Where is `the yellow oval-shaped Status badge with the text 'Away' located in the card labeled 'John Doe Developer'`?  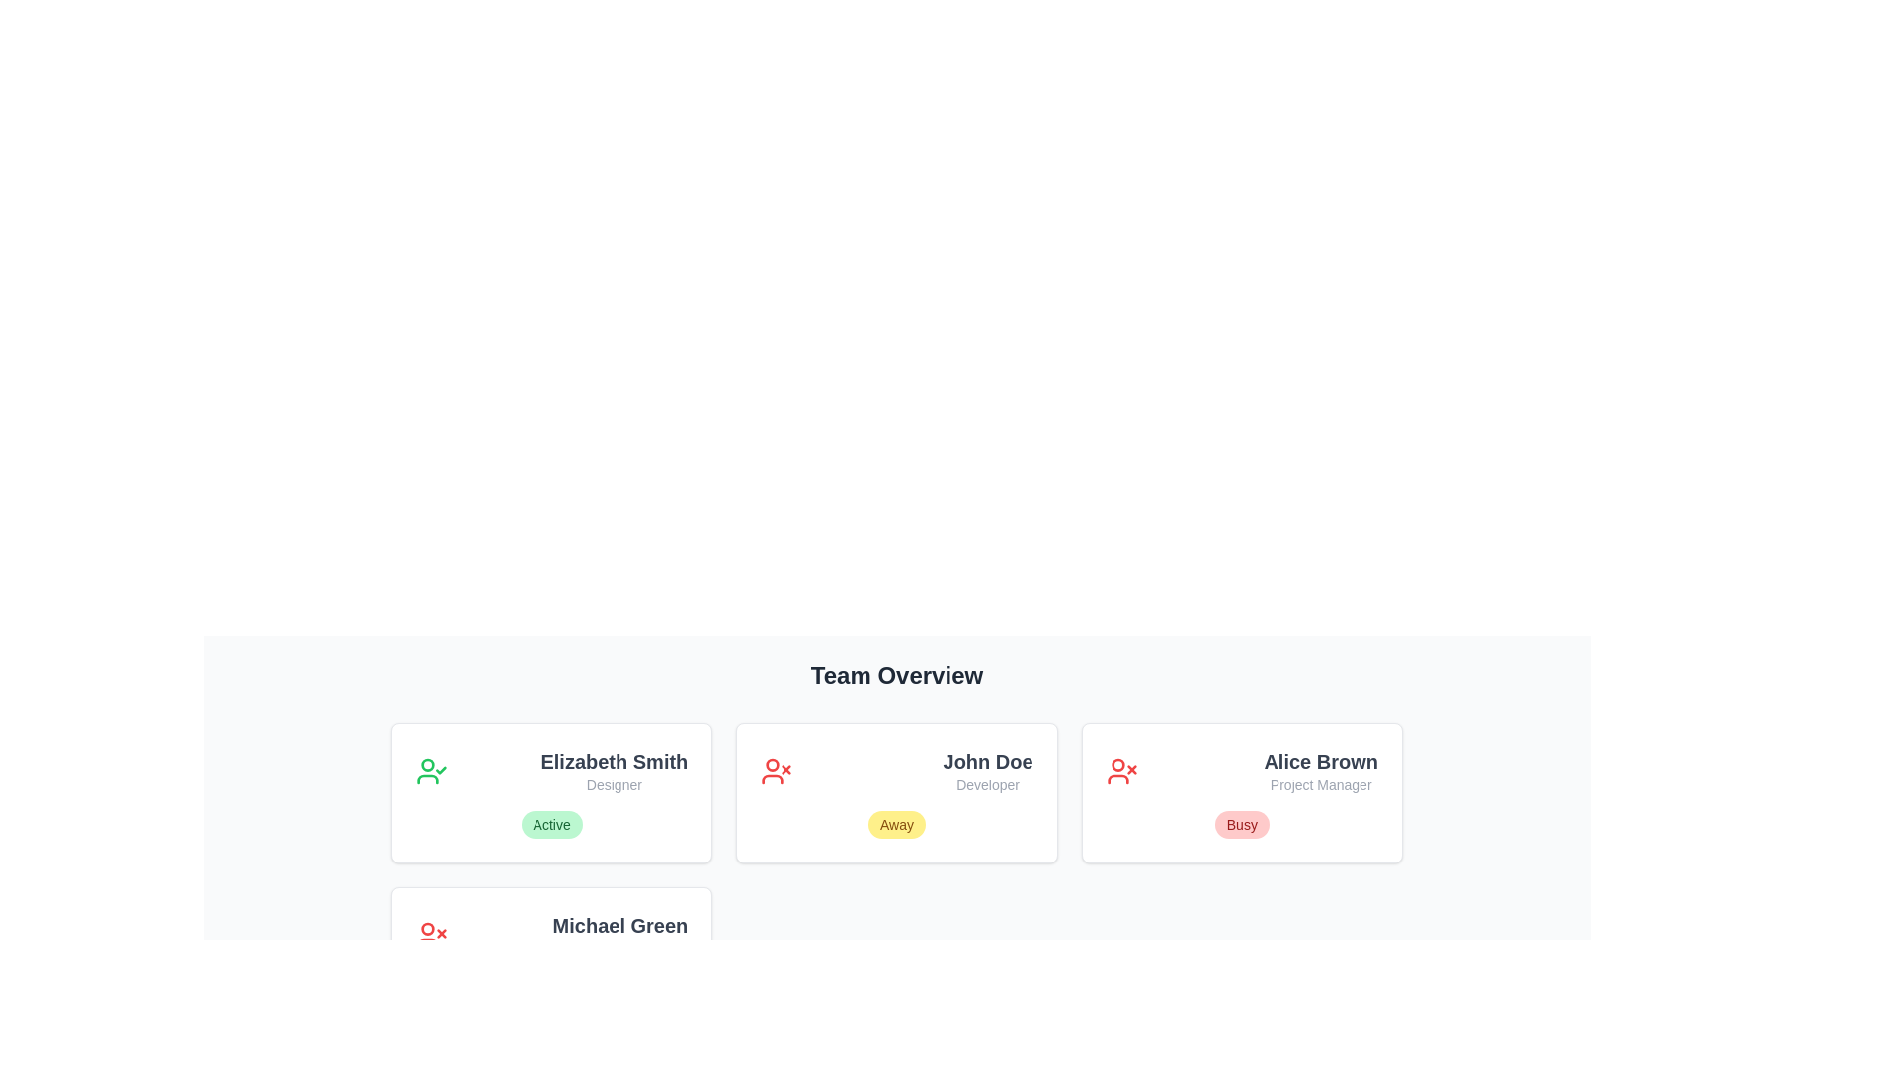
the yellow oval-shaped Status badge with the text 'Away' located in the card labeled 'John Doe Developer' is located at coordinates (895, 824).